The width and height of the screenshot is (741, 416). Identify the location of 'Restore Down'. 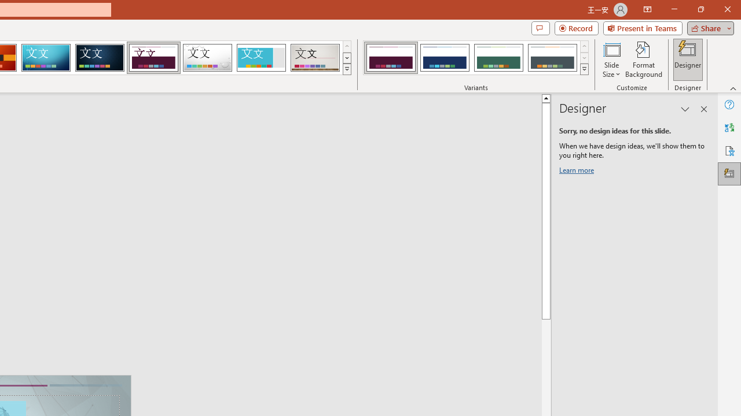
(700, 9).